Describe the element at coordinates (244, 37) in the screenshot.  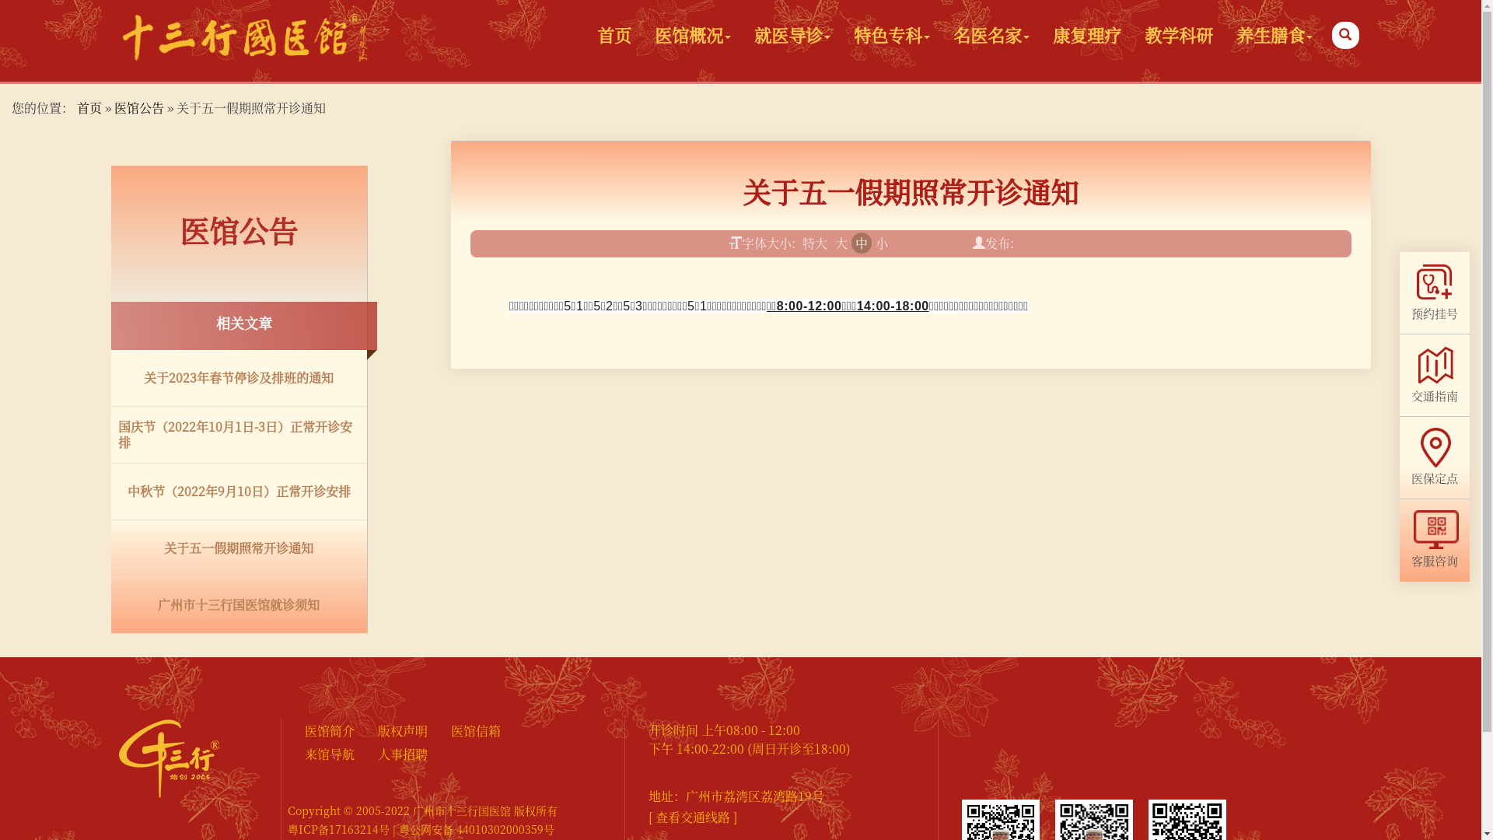
I see `'logo'` at that location.